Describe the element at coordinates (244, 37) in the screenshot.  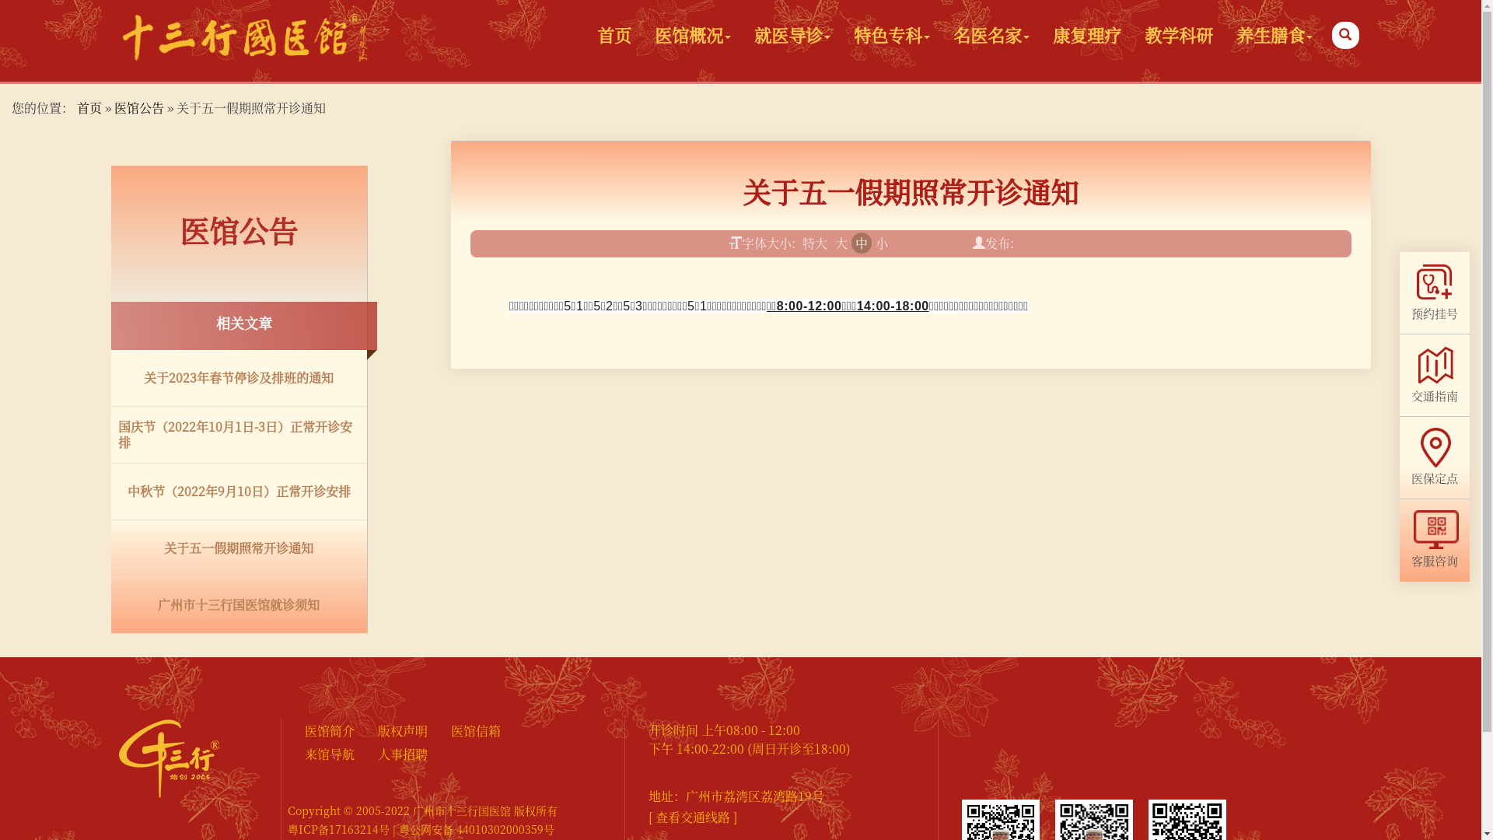
I see `'logo'` at that location.